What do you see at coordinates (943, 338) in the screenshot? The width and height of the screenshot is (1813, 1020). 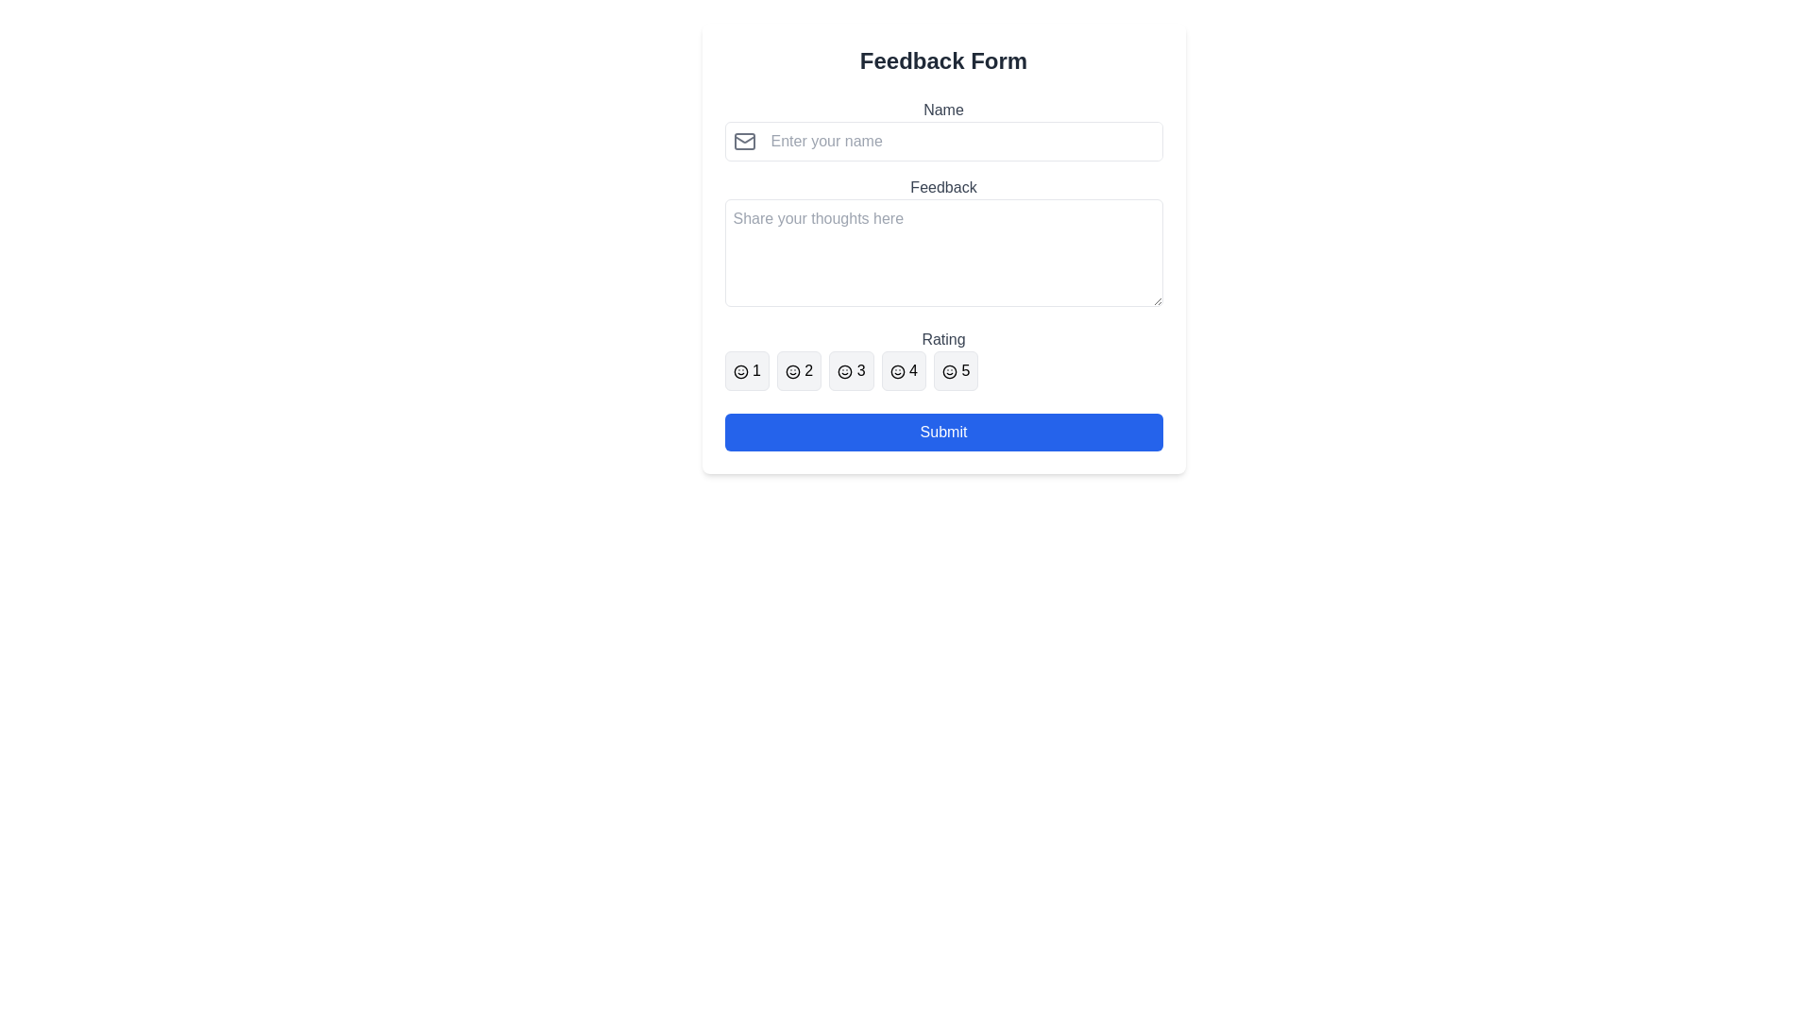 I see `the Text Label that indicates the purpose of the adjacent rating options, located above the rating selection in the feedback form interface` at bounding box center [943, 338].